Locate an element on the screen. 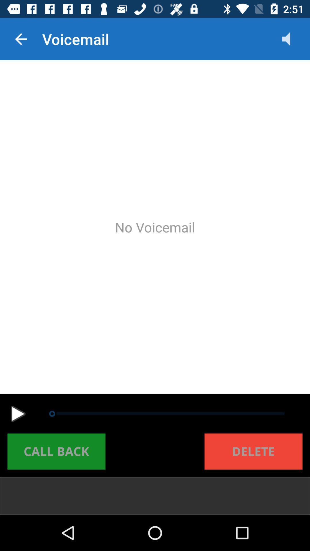 This screenshot has width=310, height=551. the delete is located at coordinates (253, 451).